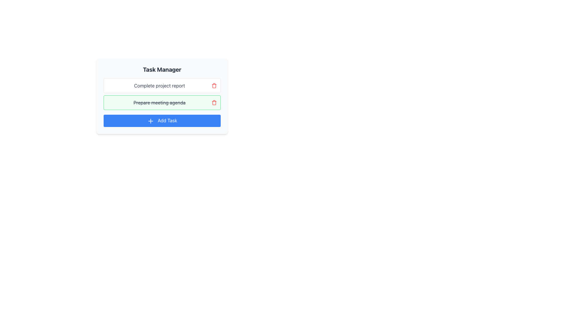 The width and height of the screenshot is (562, 316). Describe the element at coordinates (160, 86) in the screenshot. I see `the static text element displaying 'Complete project report' within the Task Manager, positioned above the 'Prepare meeting agenda' task` at that location.